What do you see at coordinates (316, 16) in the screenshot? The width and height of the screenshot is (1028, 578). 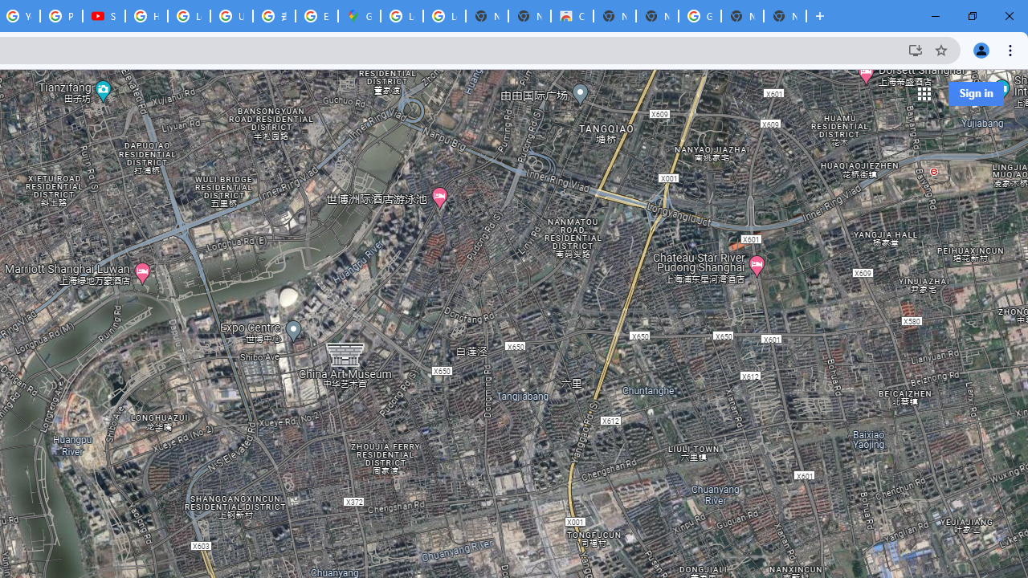 I see `'Explore new street-level details - Google Maps Help'` at bounding box center [316, 16].